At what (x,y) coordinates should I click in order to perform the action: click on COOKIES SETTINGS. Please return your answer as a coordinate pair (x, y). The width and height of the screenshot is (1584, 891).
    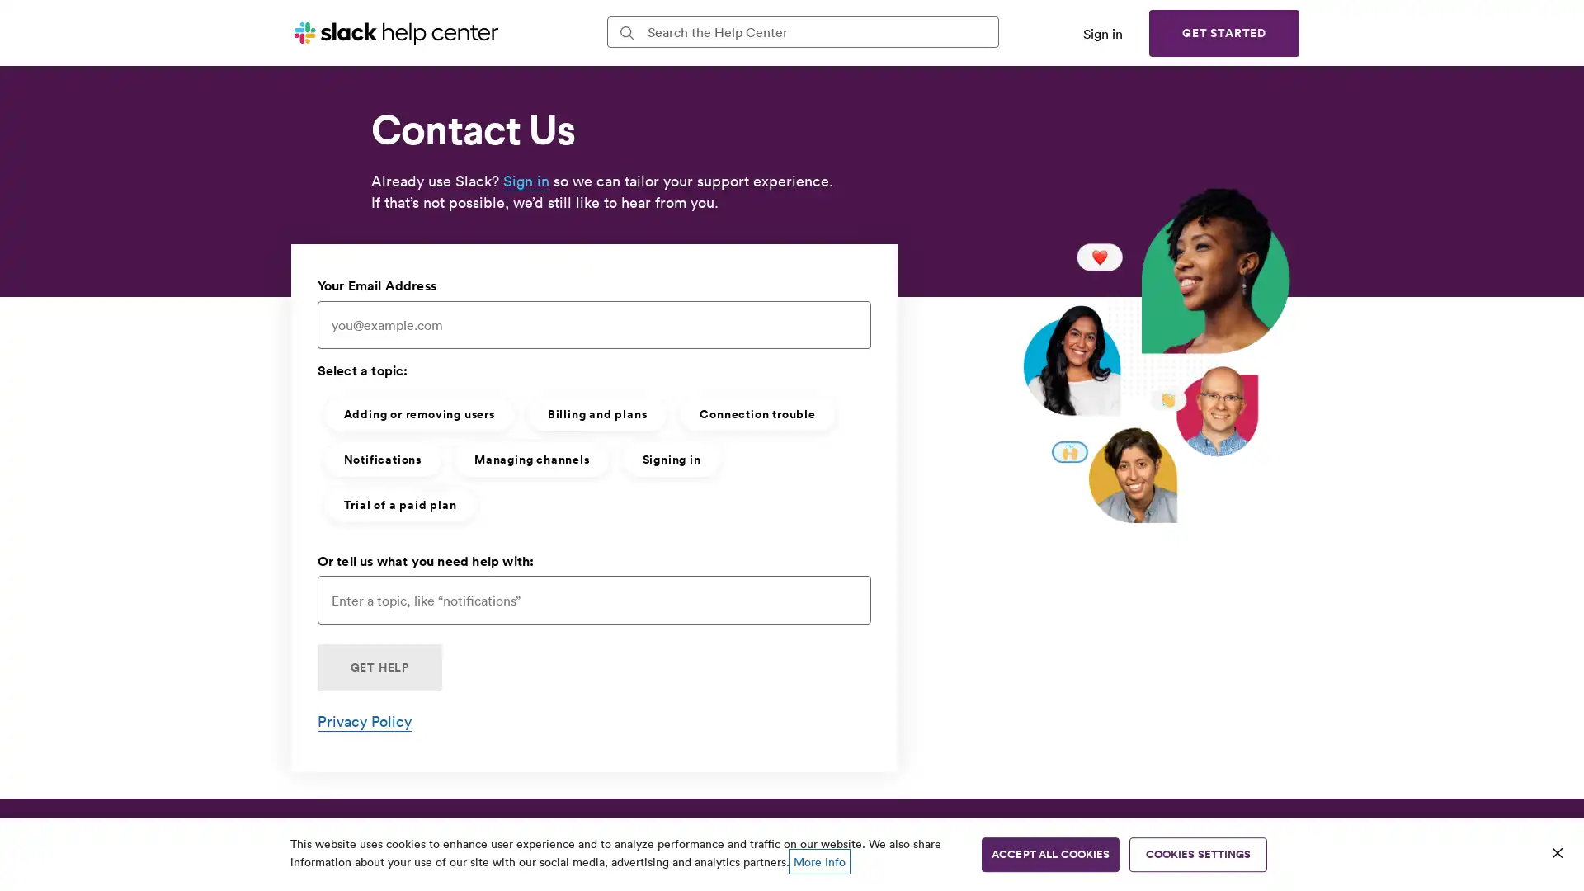
    Looking at the image, I should click on (1198, 854).